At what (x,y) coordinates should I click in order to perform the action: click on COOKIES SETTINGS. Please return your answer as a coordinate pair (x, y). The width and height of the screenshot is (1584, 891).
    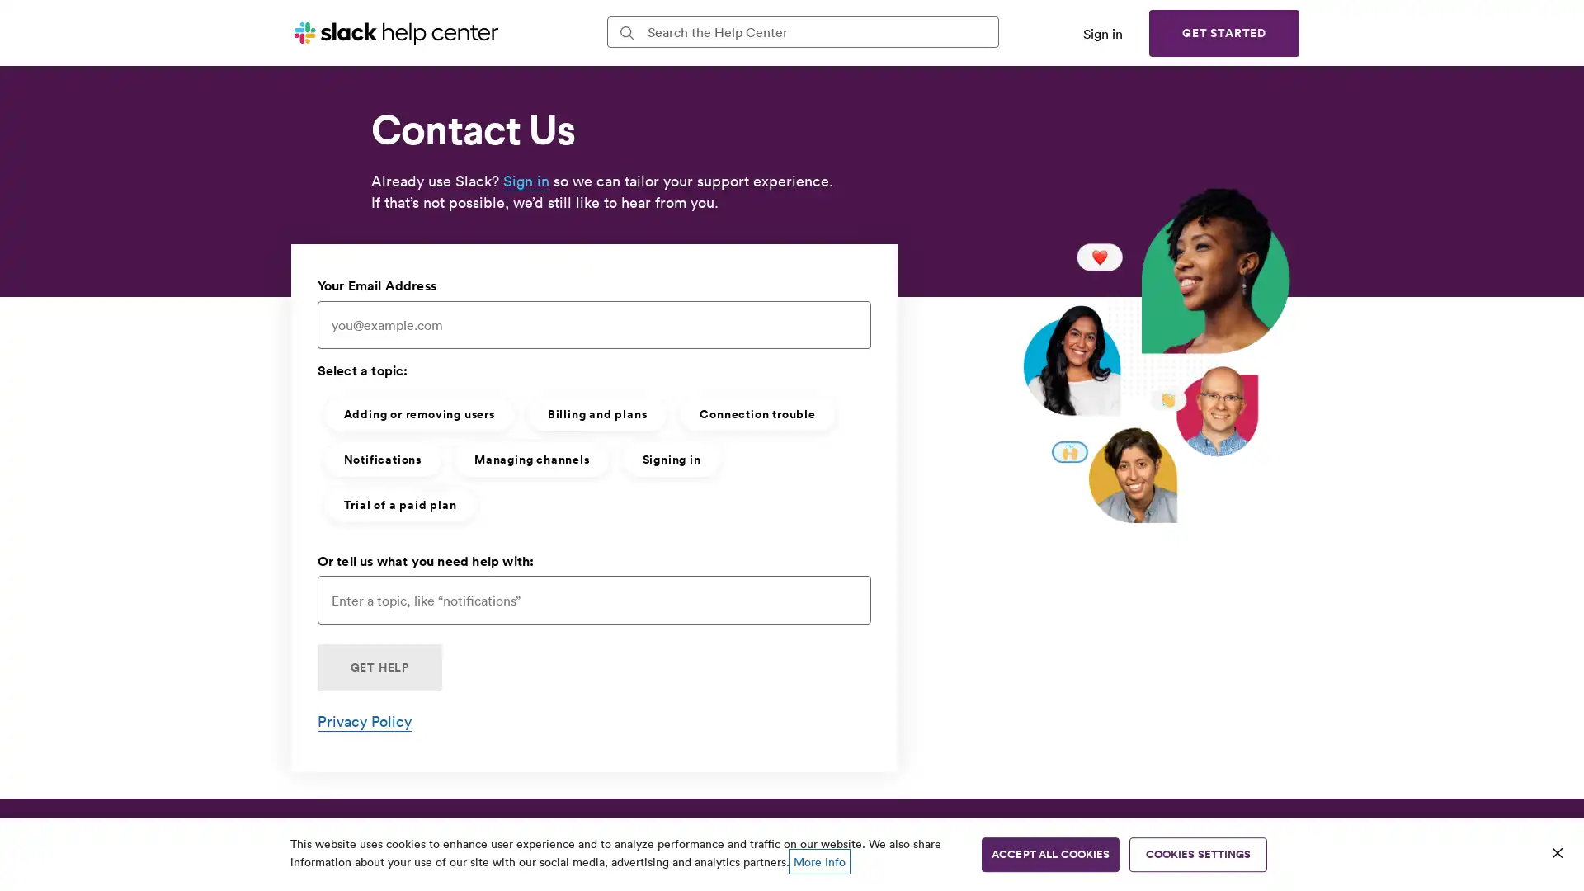
    Looking at the image, I should click on (1198, 854).